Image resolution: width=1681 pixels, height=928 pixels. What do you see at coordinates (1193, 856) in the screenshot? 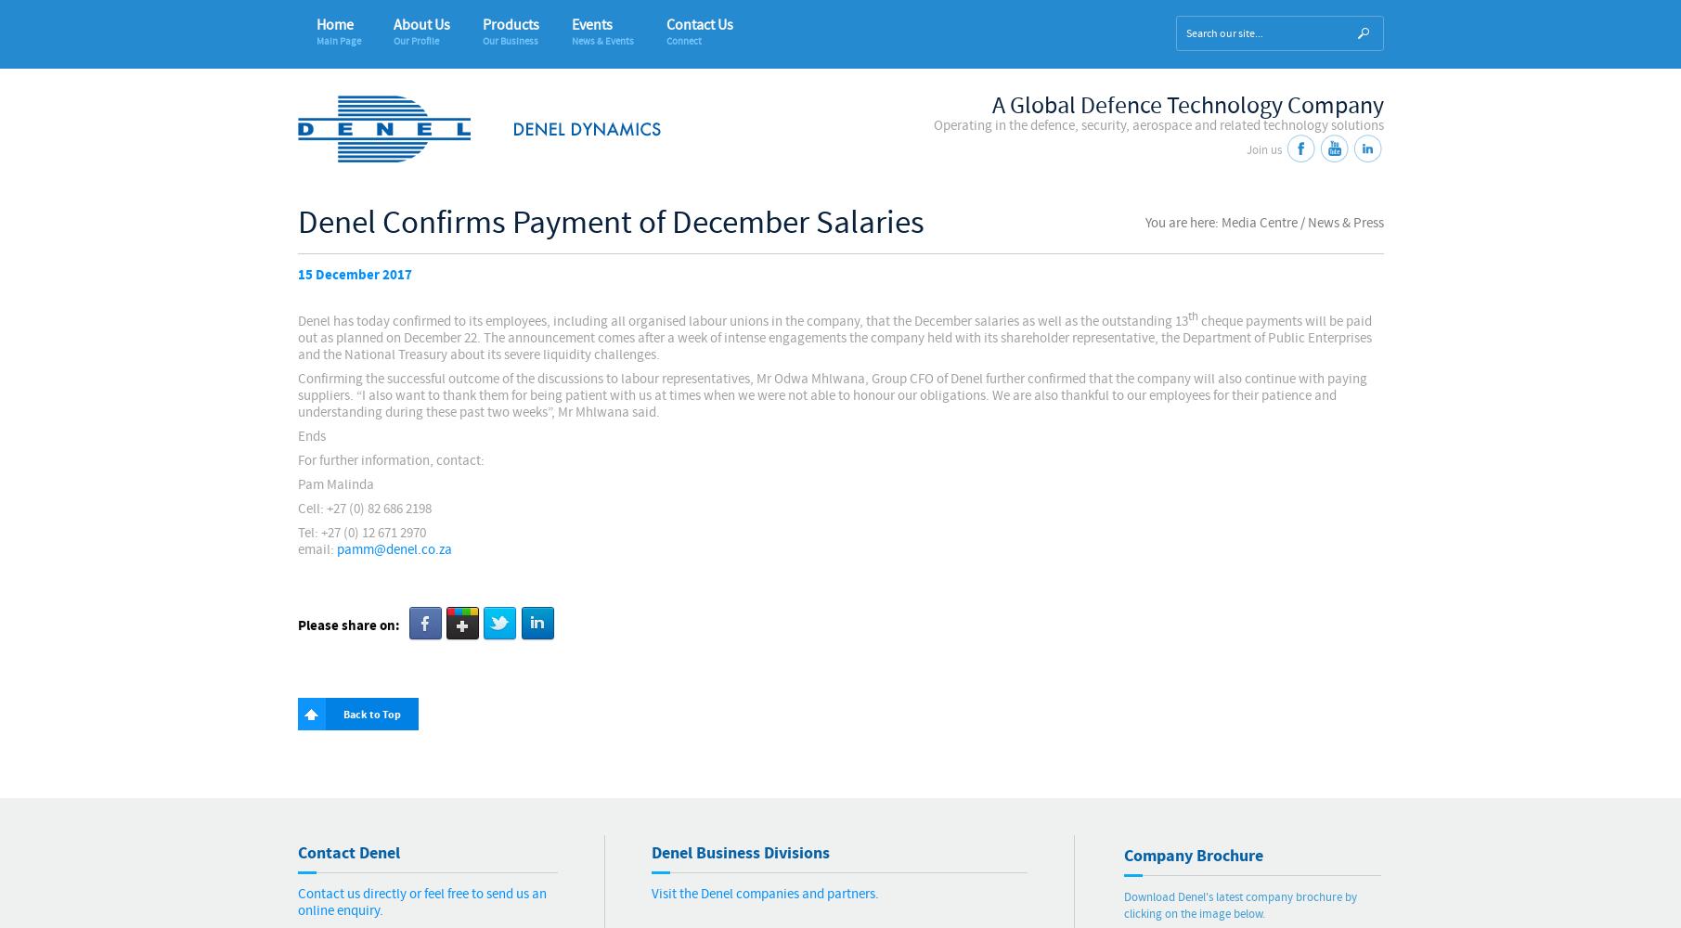
I see `'Company Brochure'` at bounding box center [1193, 856].